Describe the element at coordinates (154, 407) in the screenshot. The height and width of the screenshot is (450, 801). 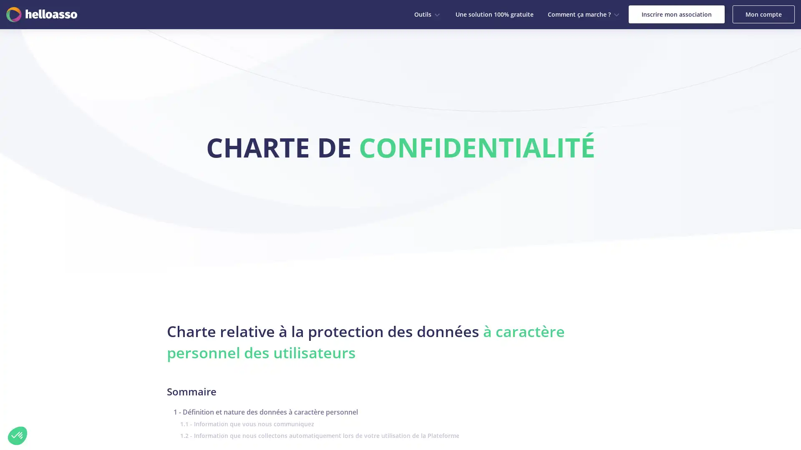
I see `Tout accepter` at that location.